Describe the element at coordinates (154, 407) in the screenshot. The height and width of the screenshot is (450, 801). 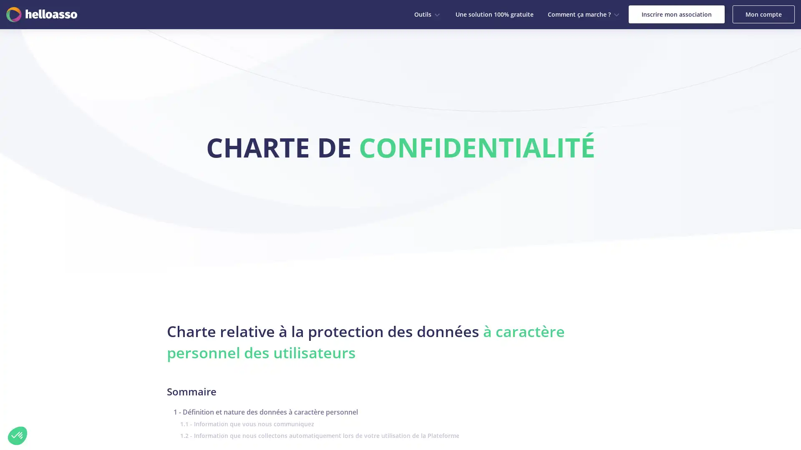
I see `Tout accepter` at that location.